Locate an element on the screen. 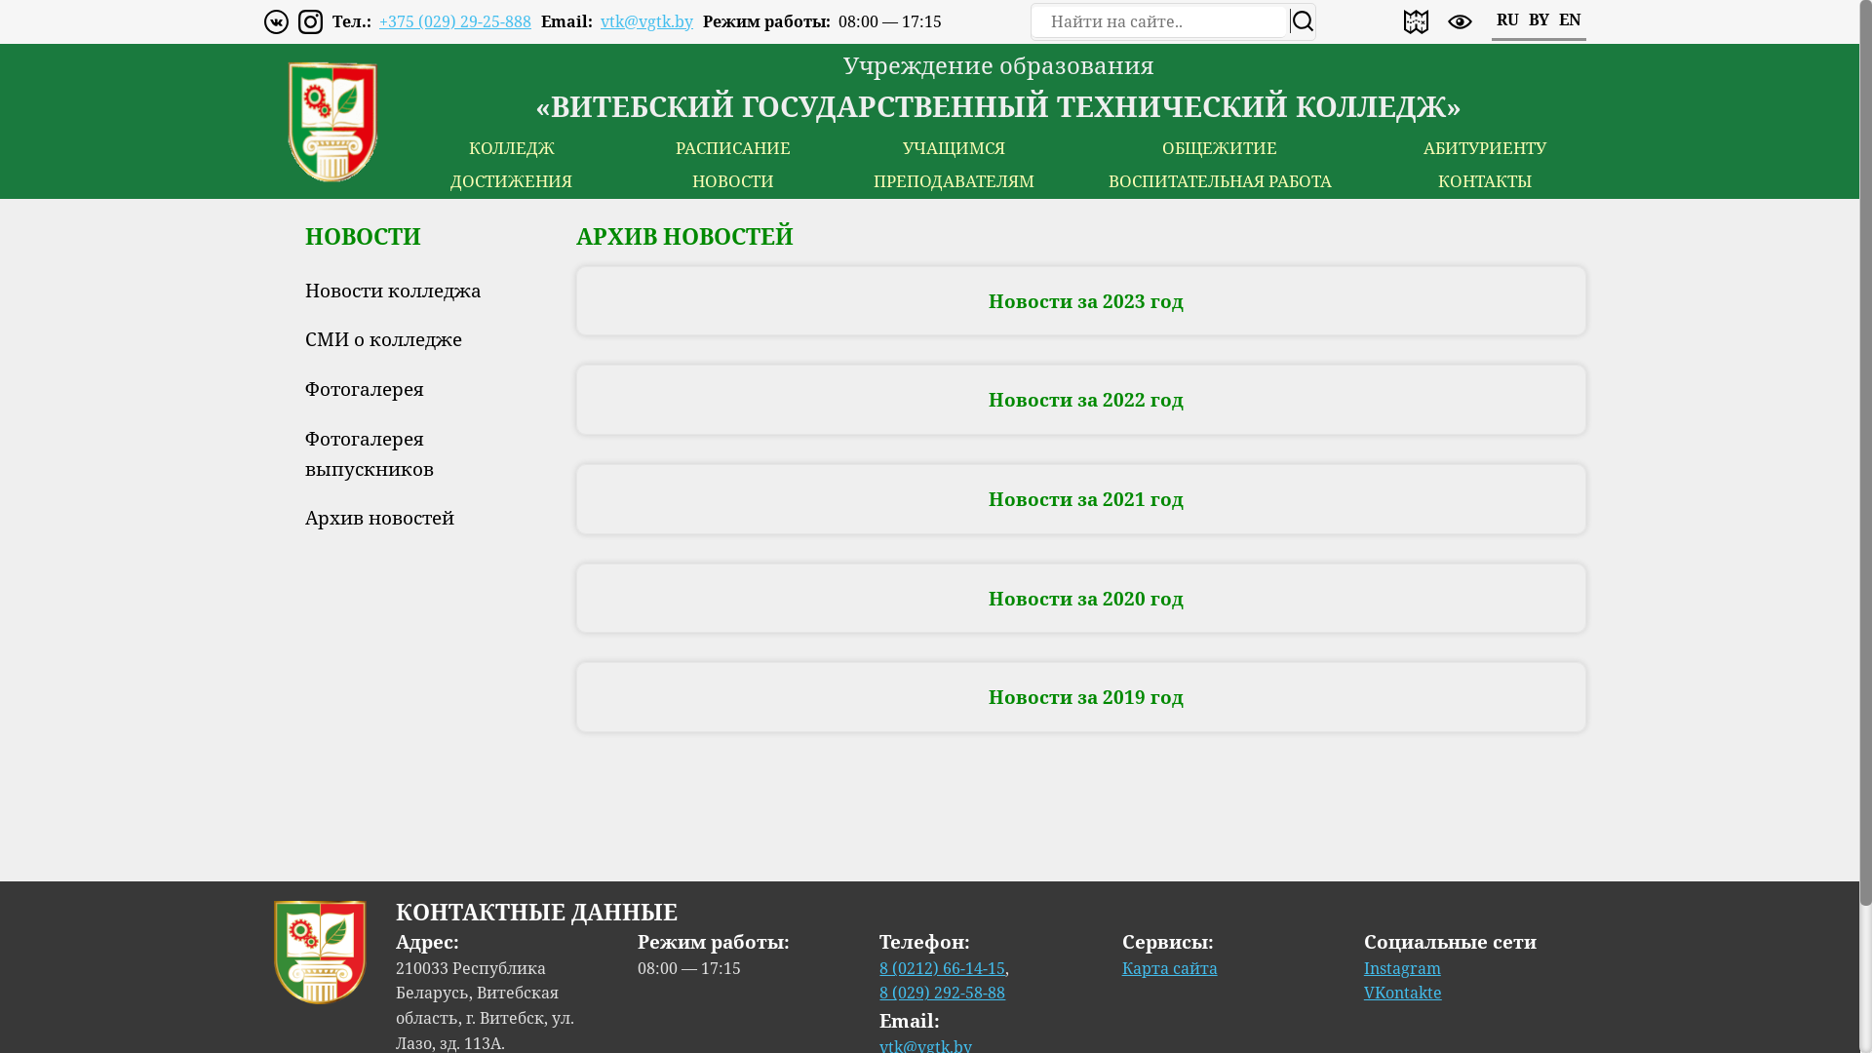 The width and height of the screenshot is (1872, 1053). '+375 (029) 29-25-888' is located at coordinates (453, 22).